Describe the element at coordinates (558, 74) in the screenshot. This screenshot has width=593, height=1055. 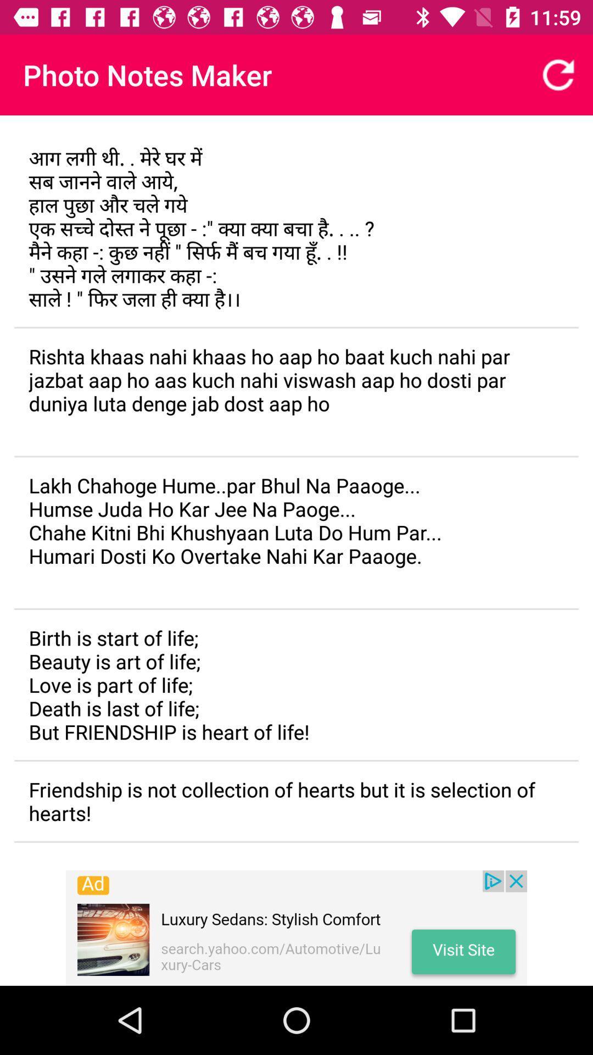
I see `refresh the page` at that location.